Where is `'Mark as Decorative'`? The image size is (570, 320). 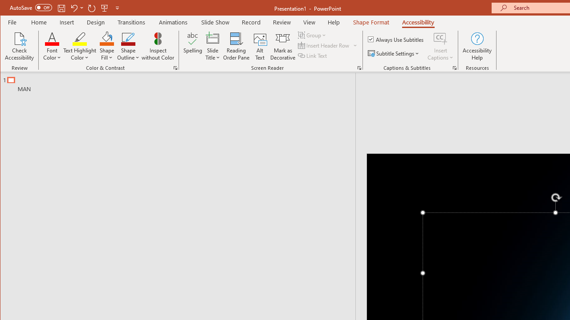 'Mark as Decorative' is located at coordinates (282, 46).